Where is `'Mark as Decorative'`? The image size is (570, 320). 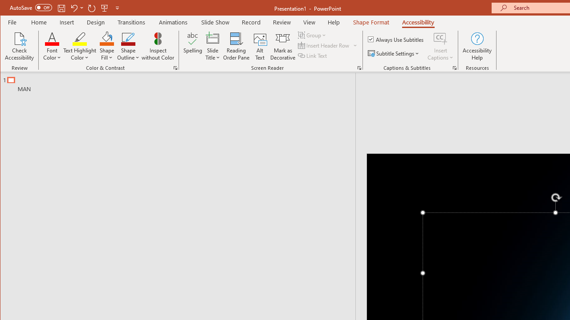 'Mark as Decorative' is located at coordinates (282, 46).